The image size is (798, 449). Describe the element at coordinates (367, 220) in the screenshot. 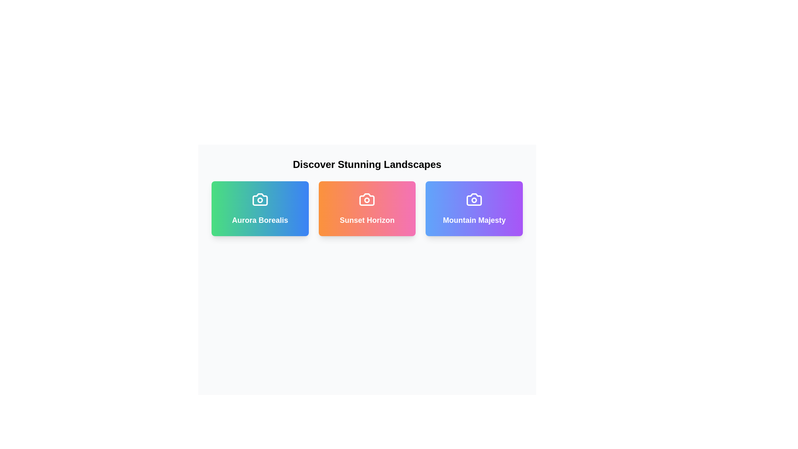

I see `the text label indicating 'Sunset Horizon', which is located below a camera icon in the central box of the three-column layout` at that location.